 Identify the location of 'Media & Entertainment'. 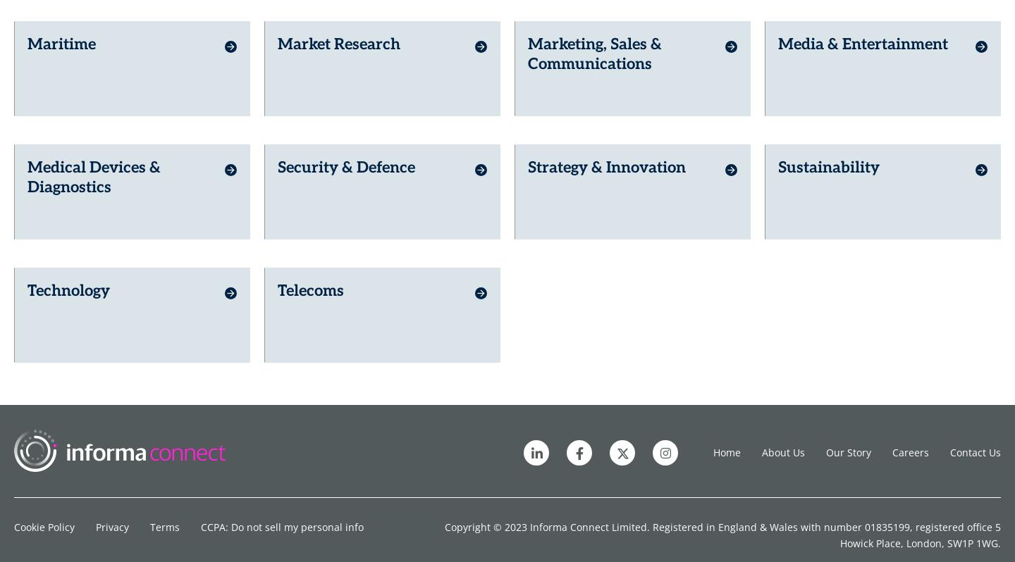
(777, 34).